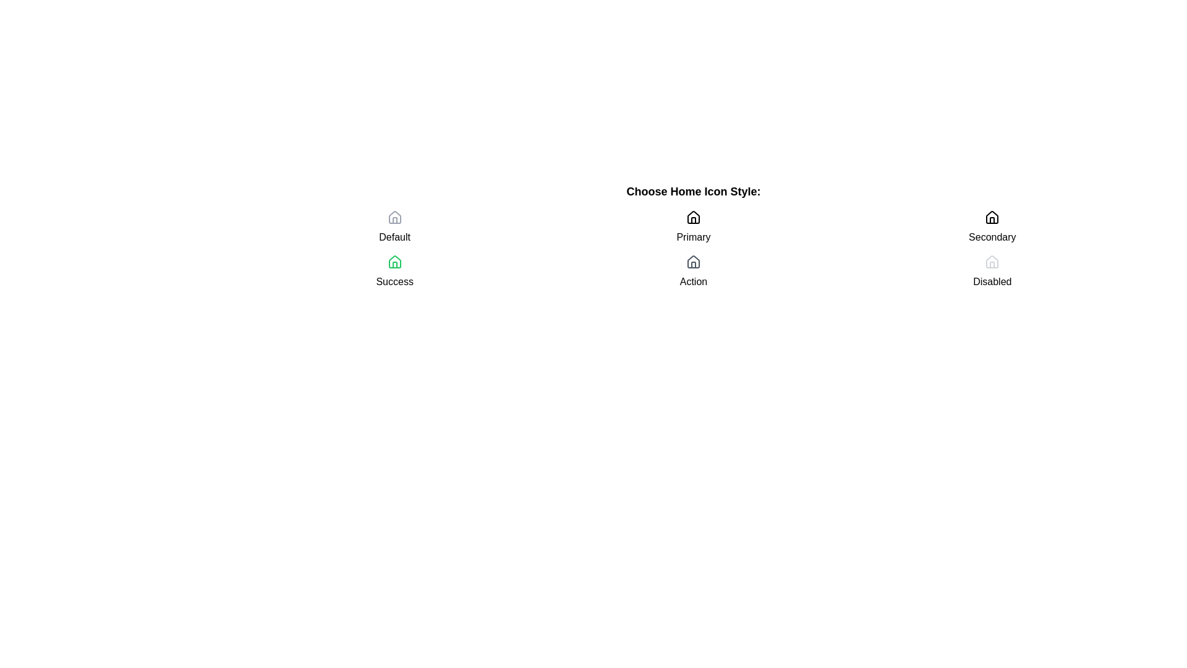  What do you see at coordinates (394, 216) in the screenshot?
I see `the house icon, which is a simple gray graphical representation resembling a house, located in the upper right region of the interface next to the 'Secondary' label` at bounding box center [394, 216].